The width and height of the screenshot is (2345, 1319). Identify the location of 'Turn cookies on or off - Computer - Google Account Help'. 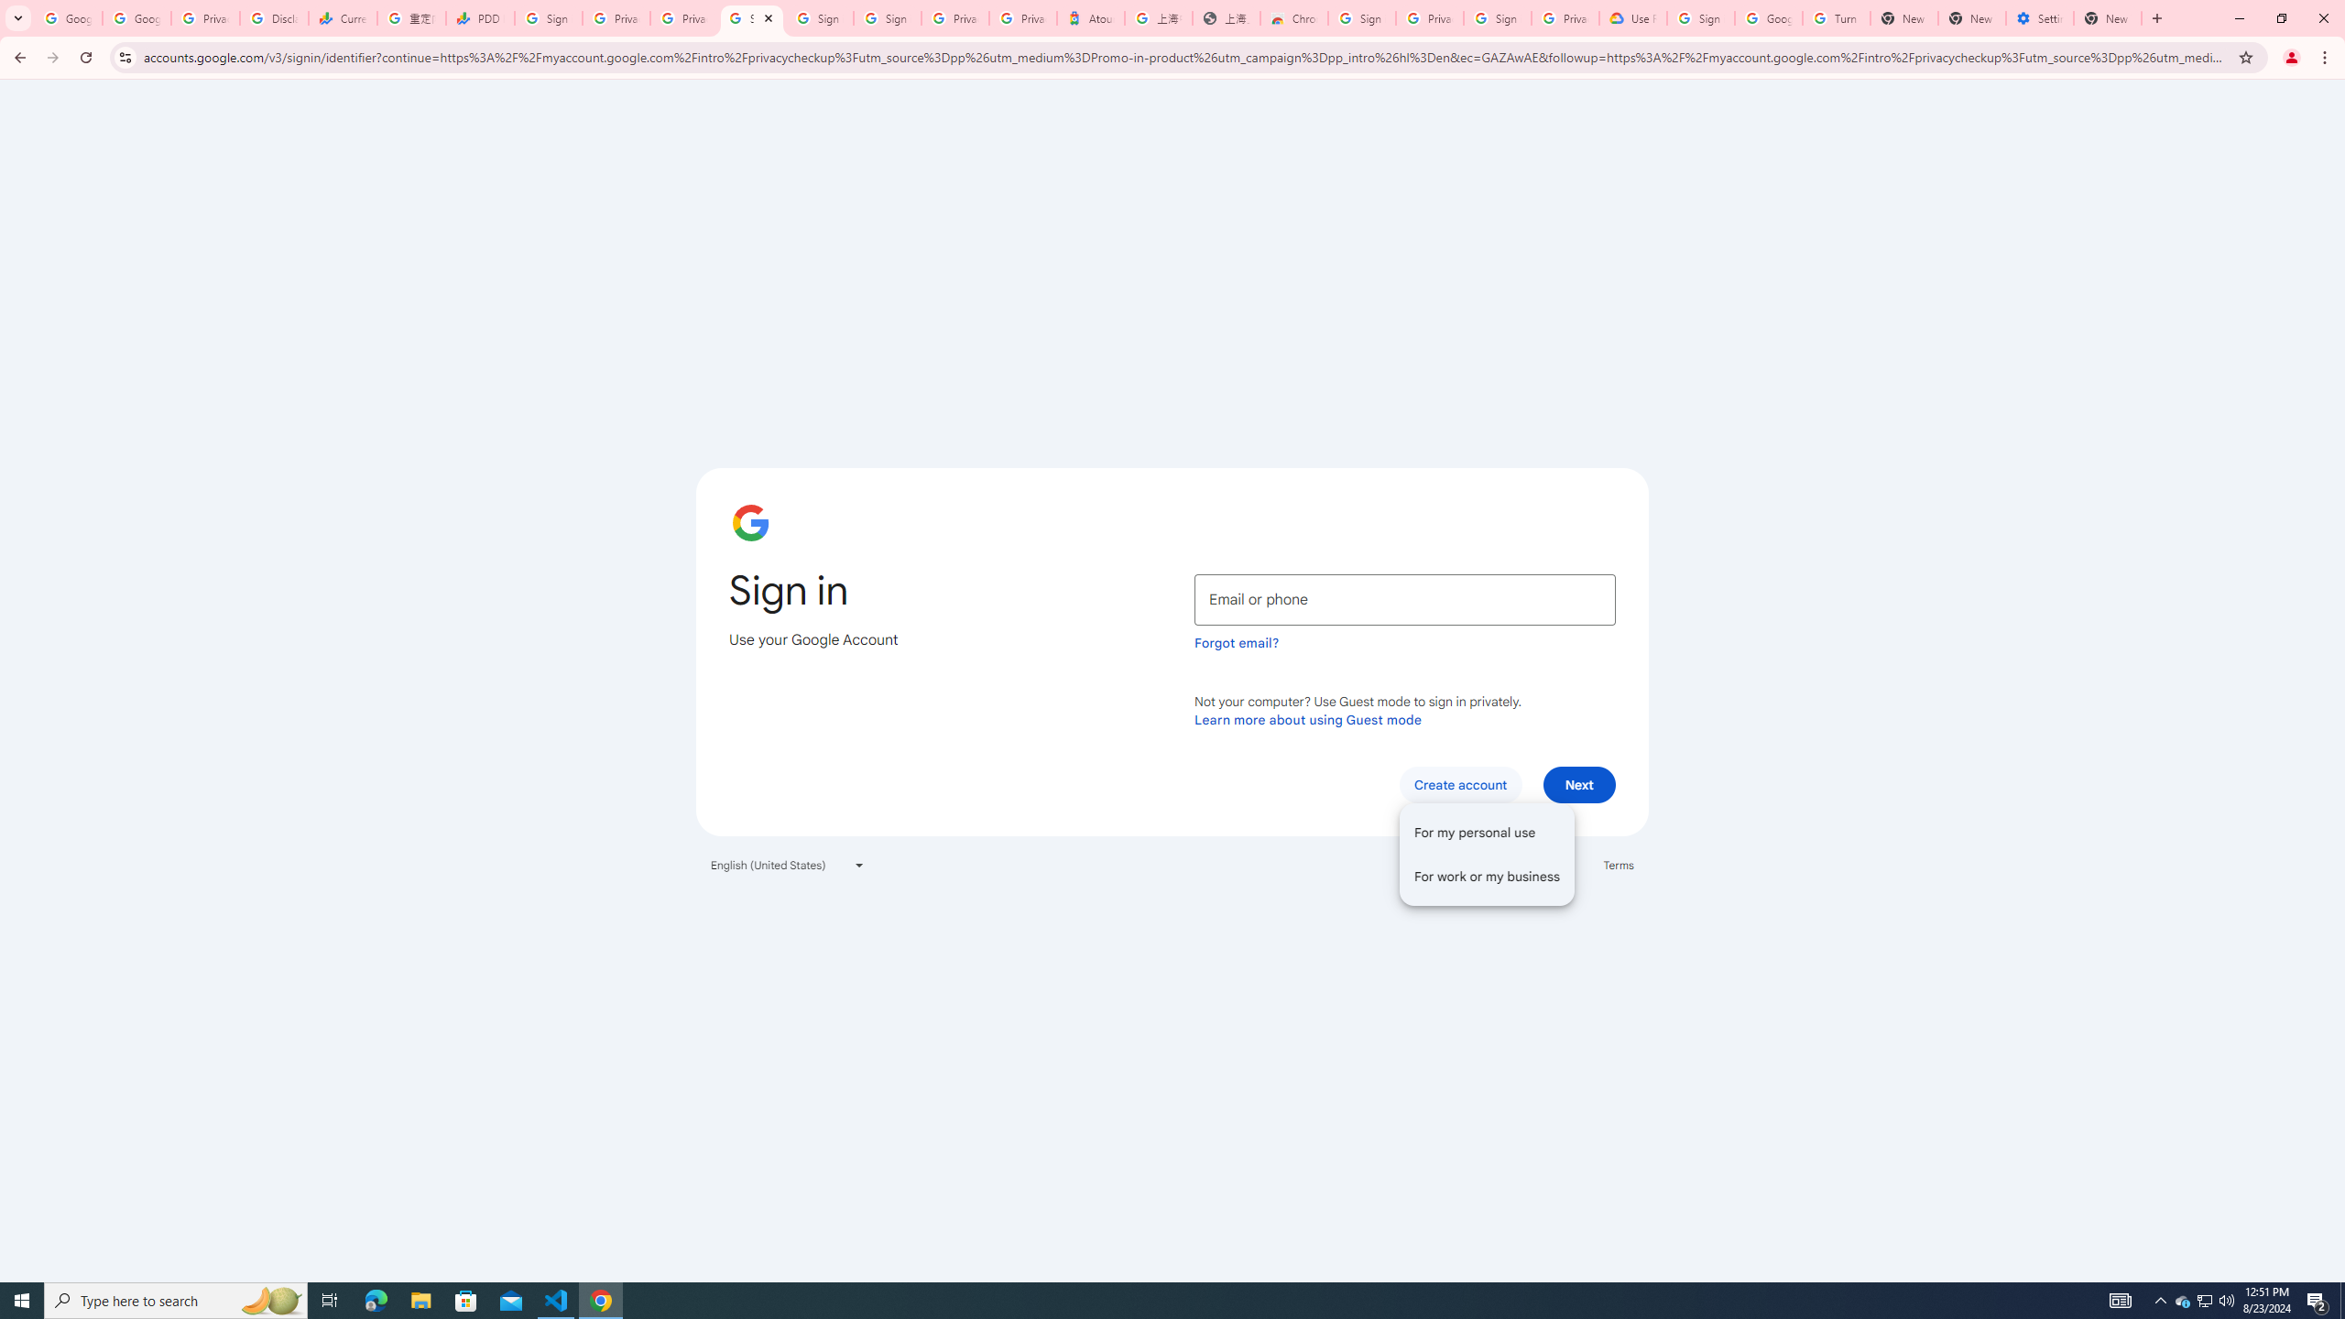
(1835, 17).